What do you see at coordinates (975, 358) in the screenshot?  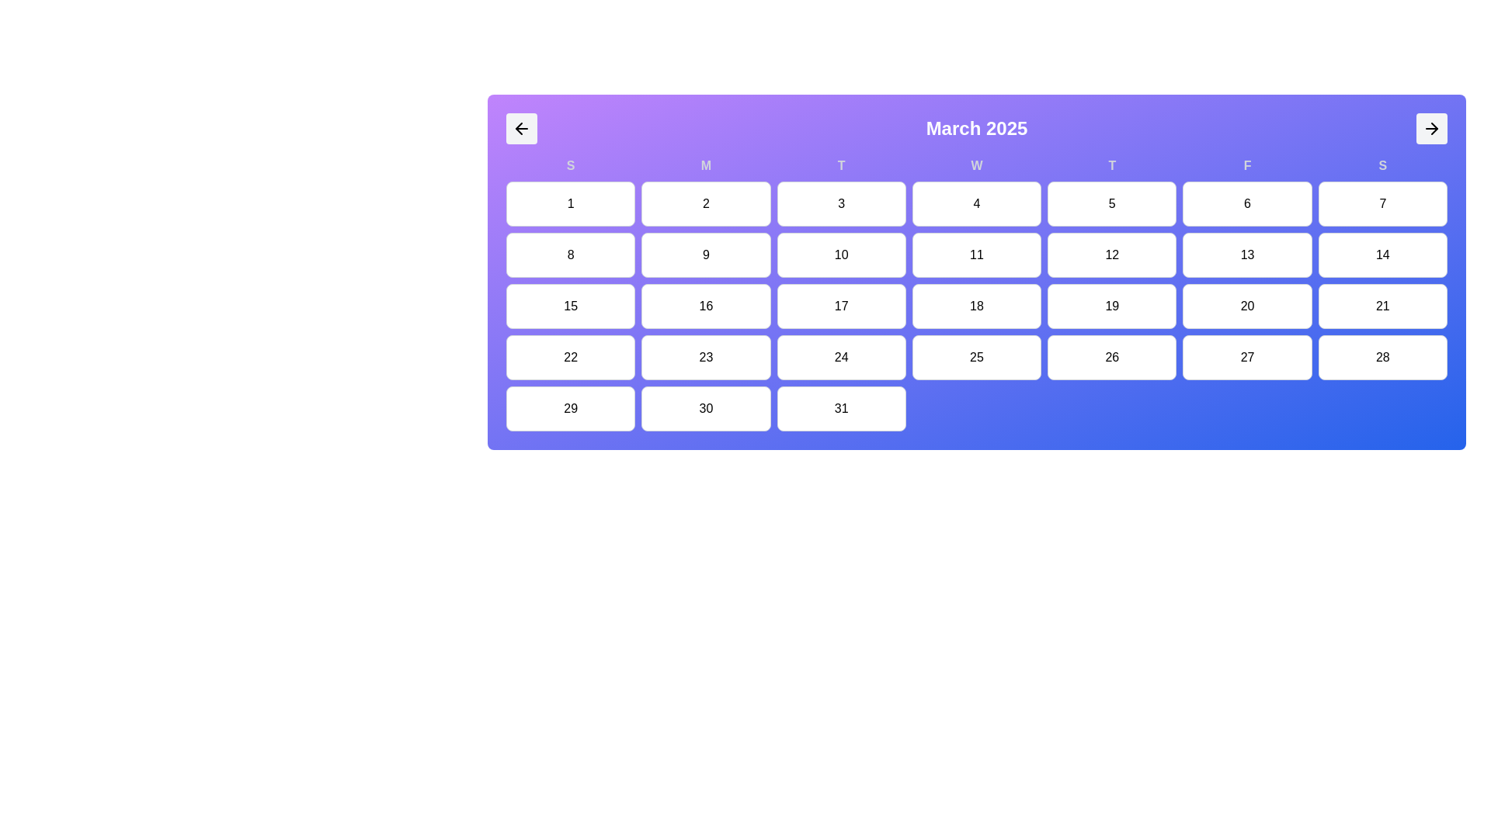 I see `the button representing the 25th day of the month in the calendar grid layout, which has a white background, gray border, and contains the number '25' in bold black text` at bounding box center [975, 358].